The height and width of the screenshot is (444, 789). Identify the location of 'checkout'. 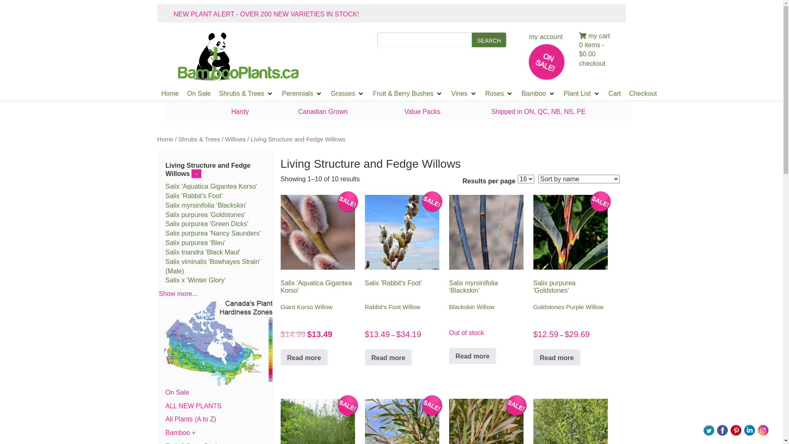
(600, 63).